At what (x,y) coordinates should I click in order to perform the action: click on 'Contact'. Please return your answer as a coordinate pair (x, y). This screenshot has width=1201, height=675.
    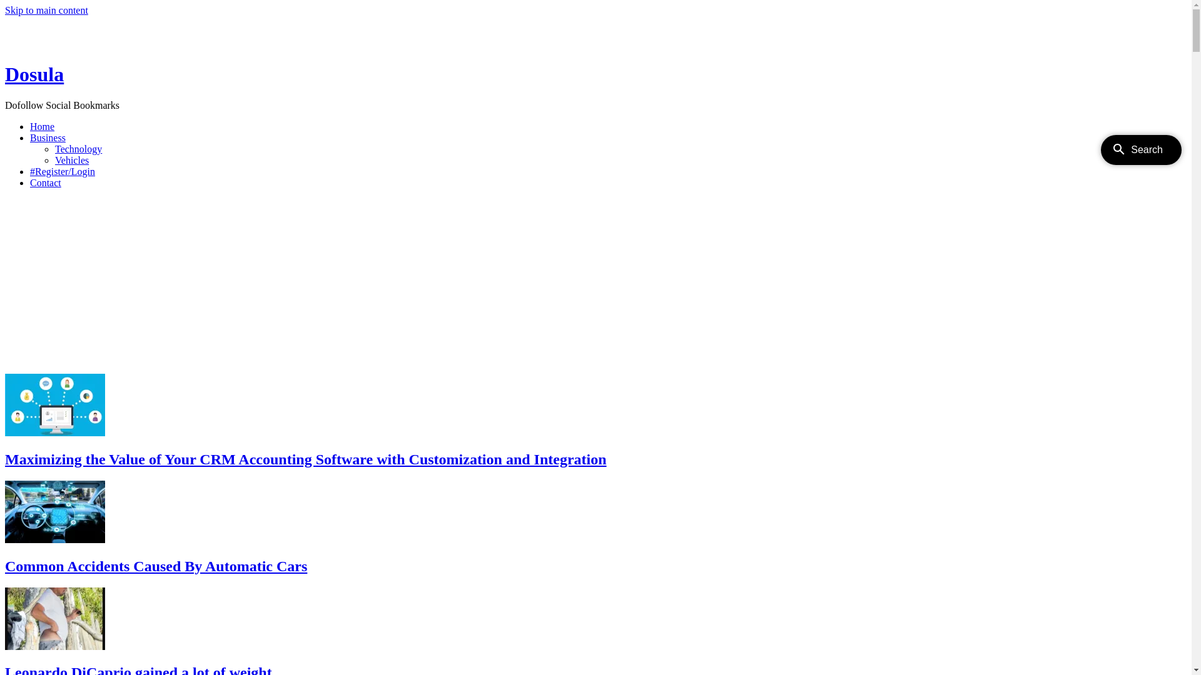
    Looking at the image, I should click on (45, 182).